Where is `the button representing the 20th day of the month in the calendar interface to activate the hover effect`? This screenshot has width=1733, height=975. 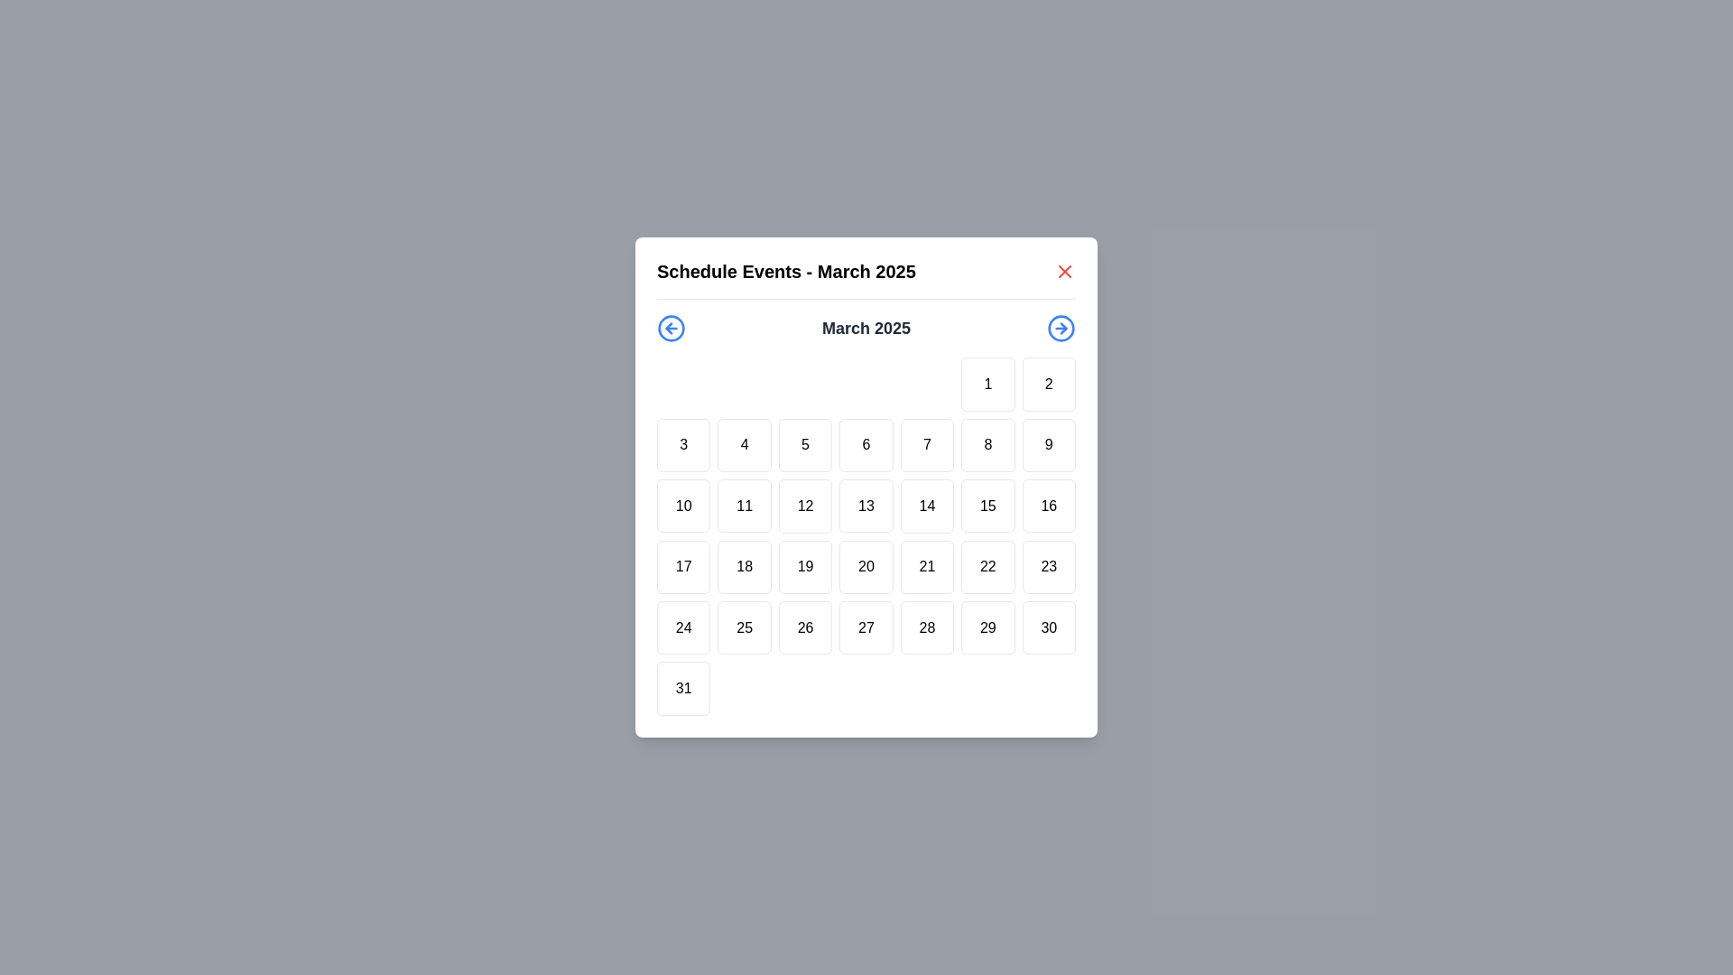
the button representing the 20th day of the month in the calendar interface to activate the hover effect is located at coordinates (866, 566).